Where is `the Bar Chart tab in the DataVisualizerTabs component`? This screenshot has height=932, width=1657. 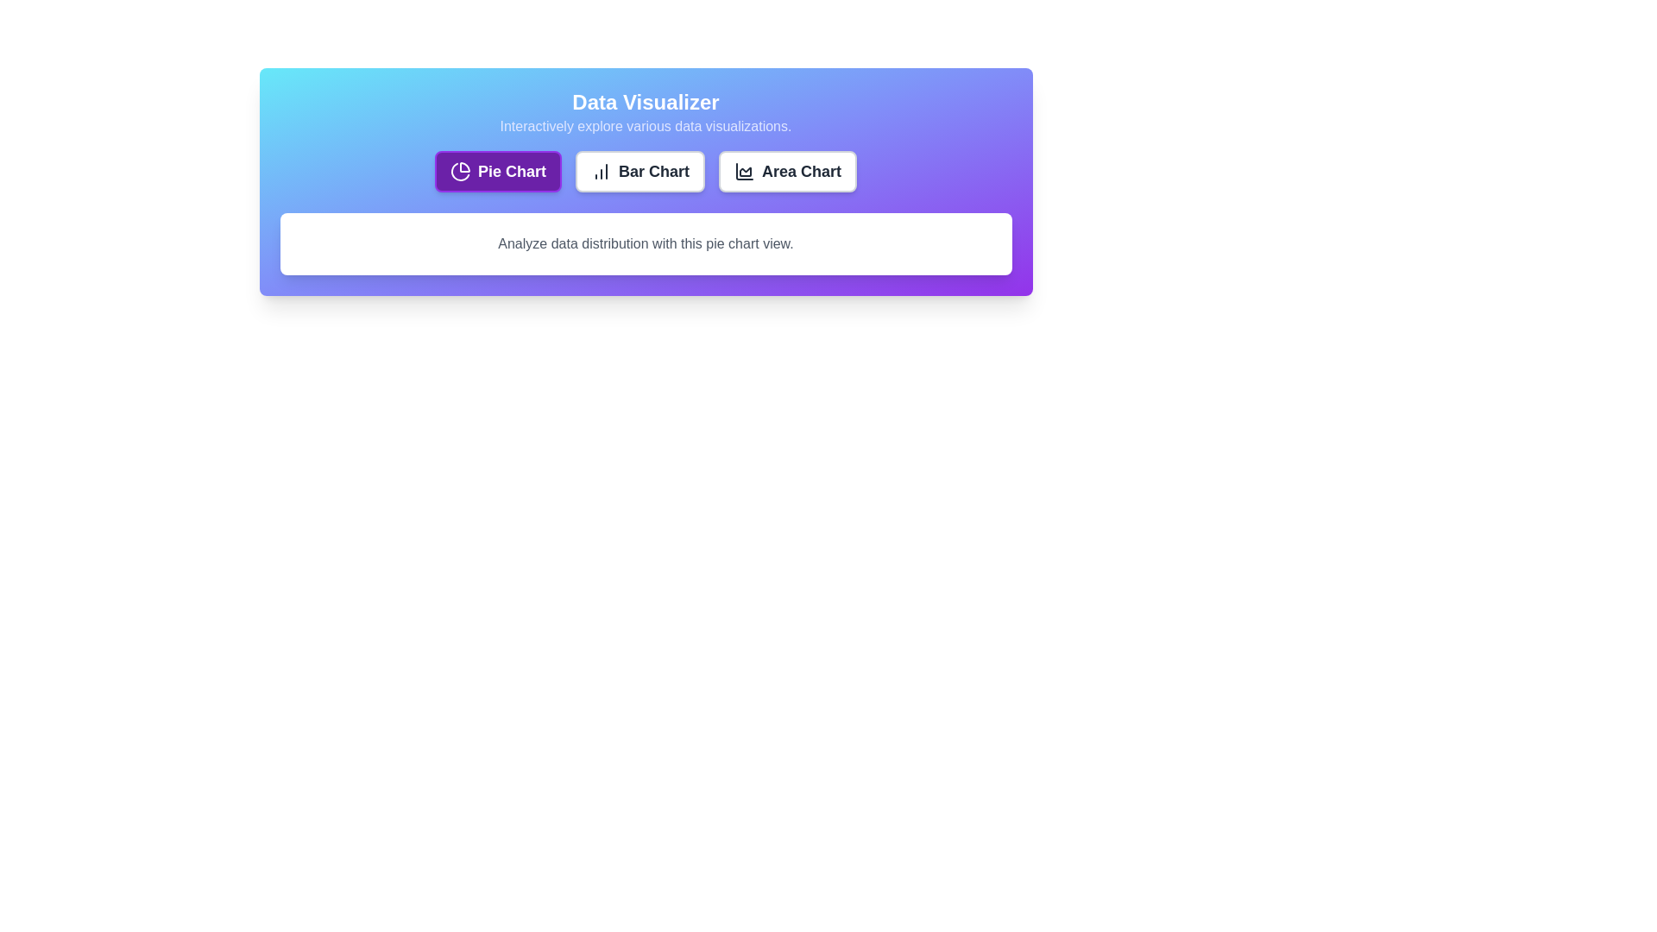
the Bar Chart tab in the DataVisualizerTabs component is located at coordinates (639, 172).